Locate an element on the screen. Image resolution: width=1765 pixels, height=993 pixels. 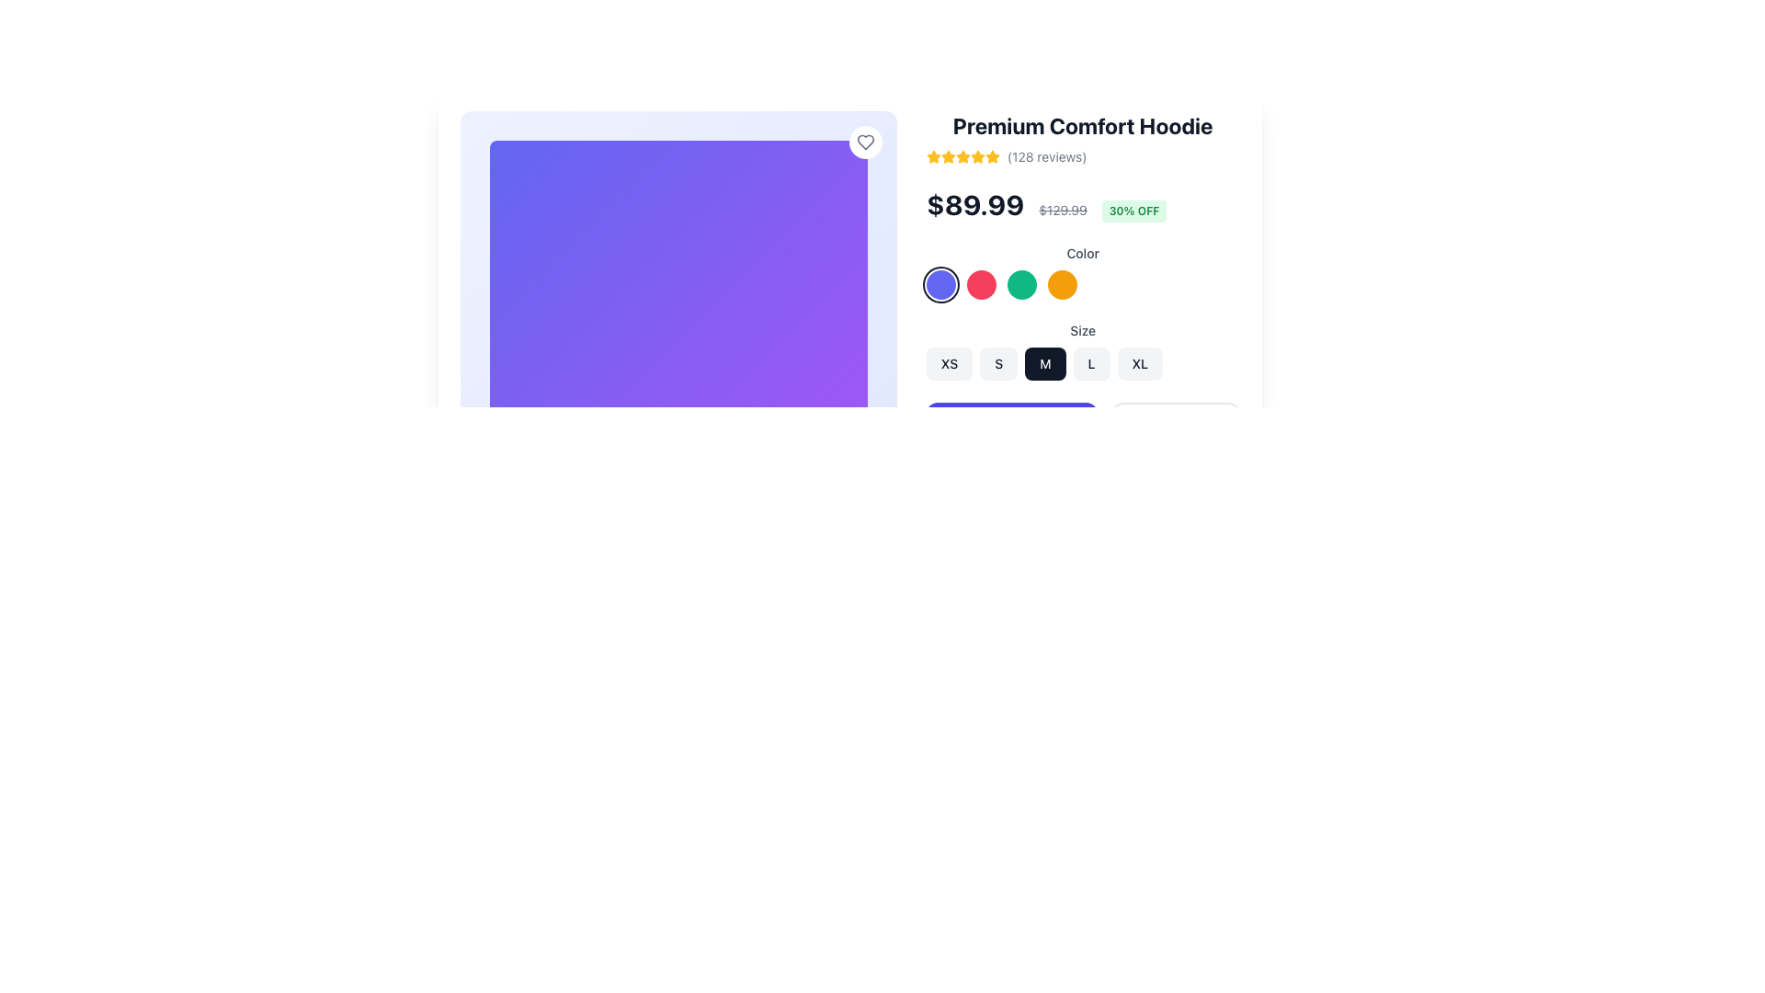
the fifth yellow star icon in the rating system, located in the upper-right section of the interface is located at coordinates (962, 155).